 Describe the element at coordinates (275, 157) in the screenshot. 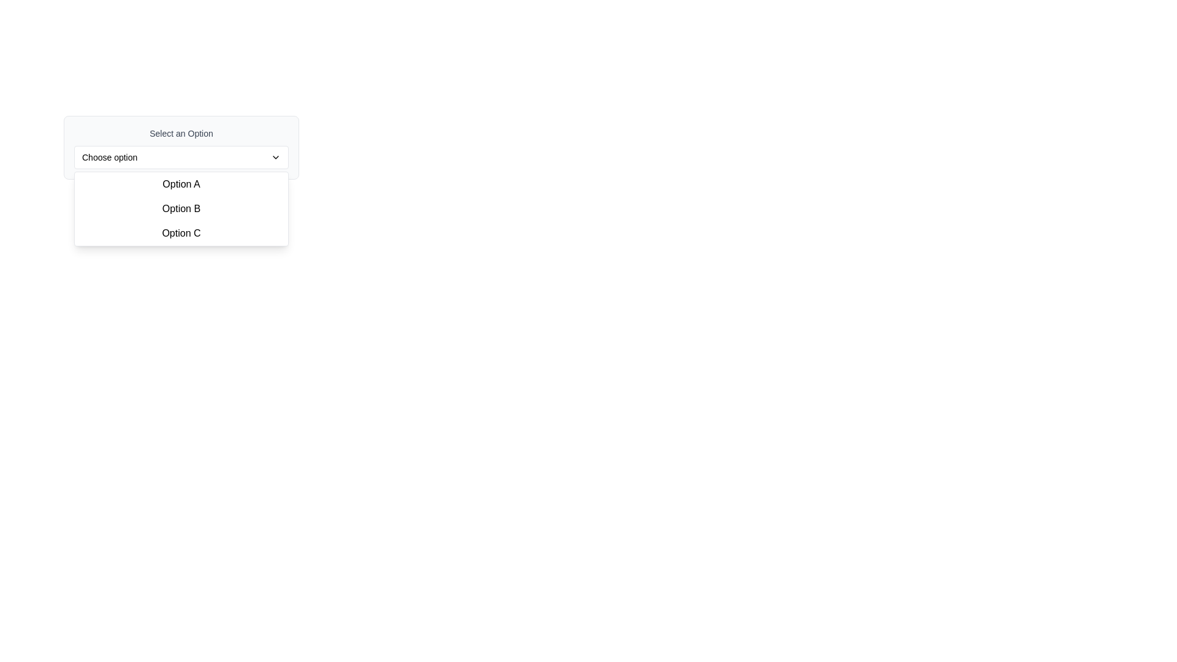

I see `the chevron icon located at the center-right of the dropdown component` at that location.